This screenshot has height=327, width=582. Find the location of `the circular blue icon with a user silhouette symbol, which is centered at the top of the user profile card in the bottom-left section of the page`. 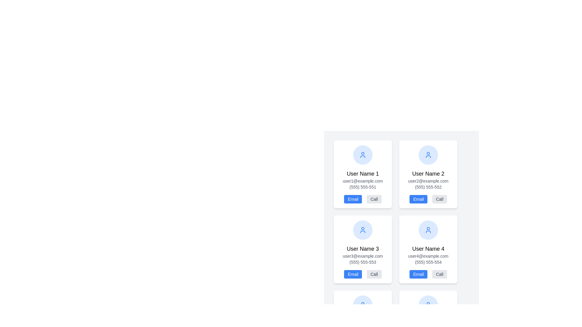

the circular blue icon with a user silhouette symbol, which is centered at the top of the user profile card in the bottom-left section of the page is located at coordinates (363, 305).